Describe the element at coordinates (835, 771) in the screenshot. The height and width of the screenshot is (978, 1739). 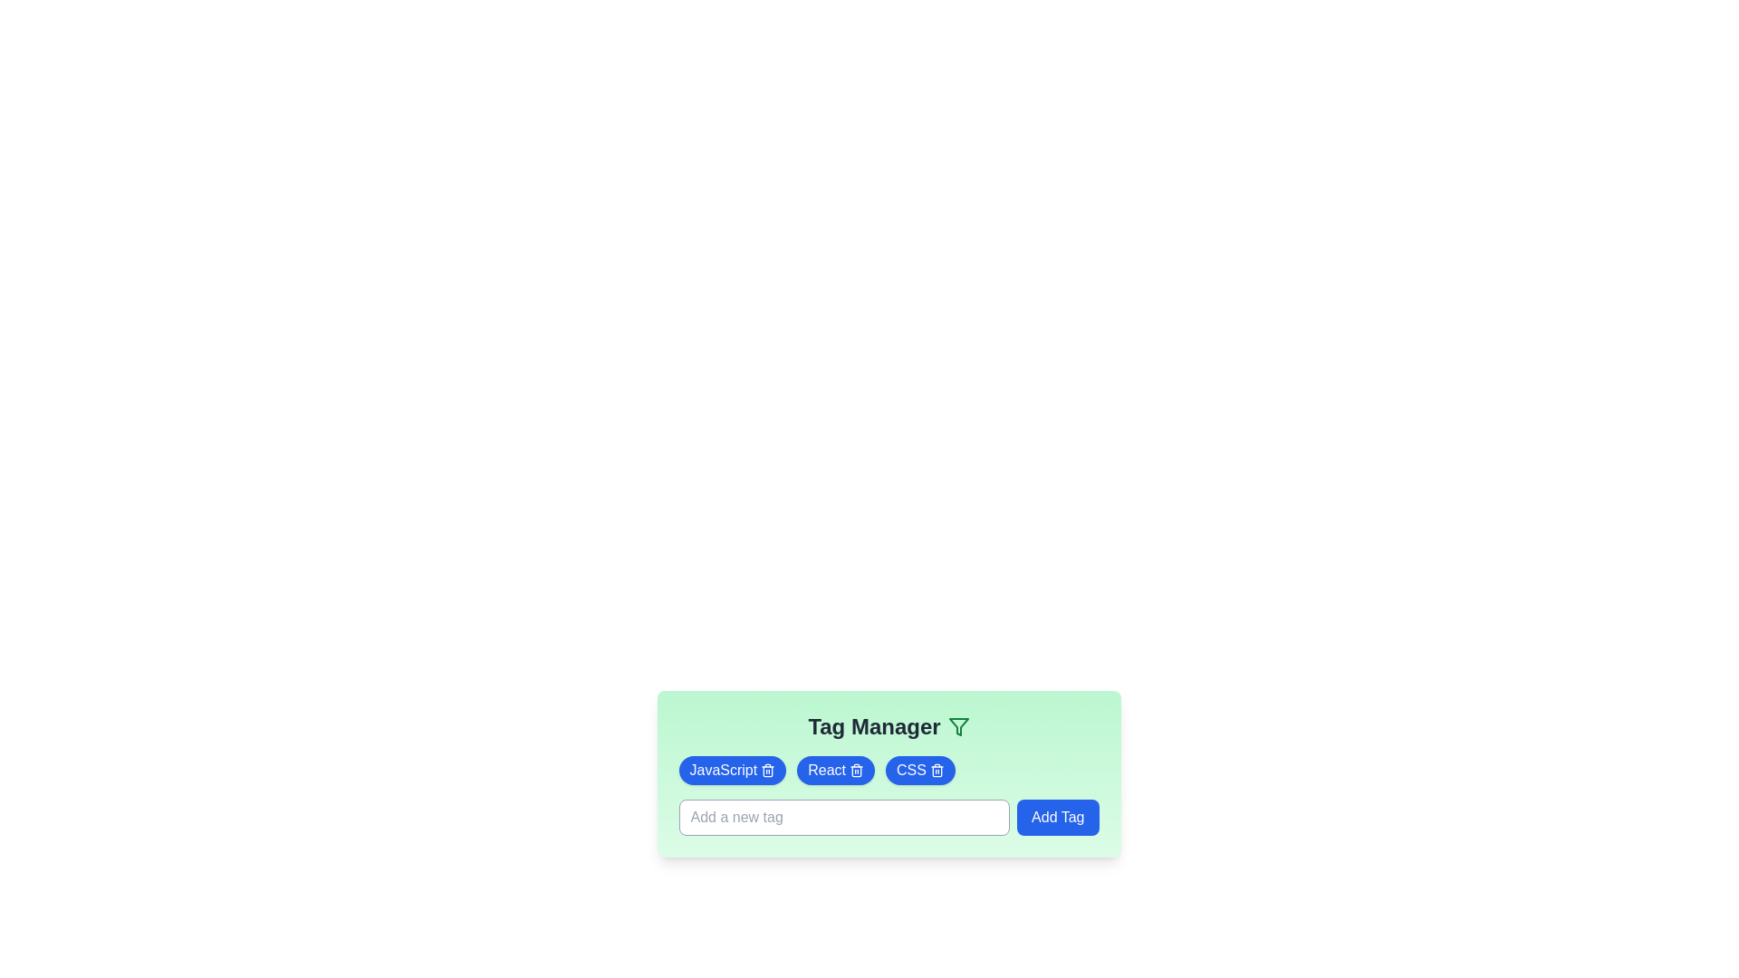
I see `the trash icon on the 'React' tag button` at that location.